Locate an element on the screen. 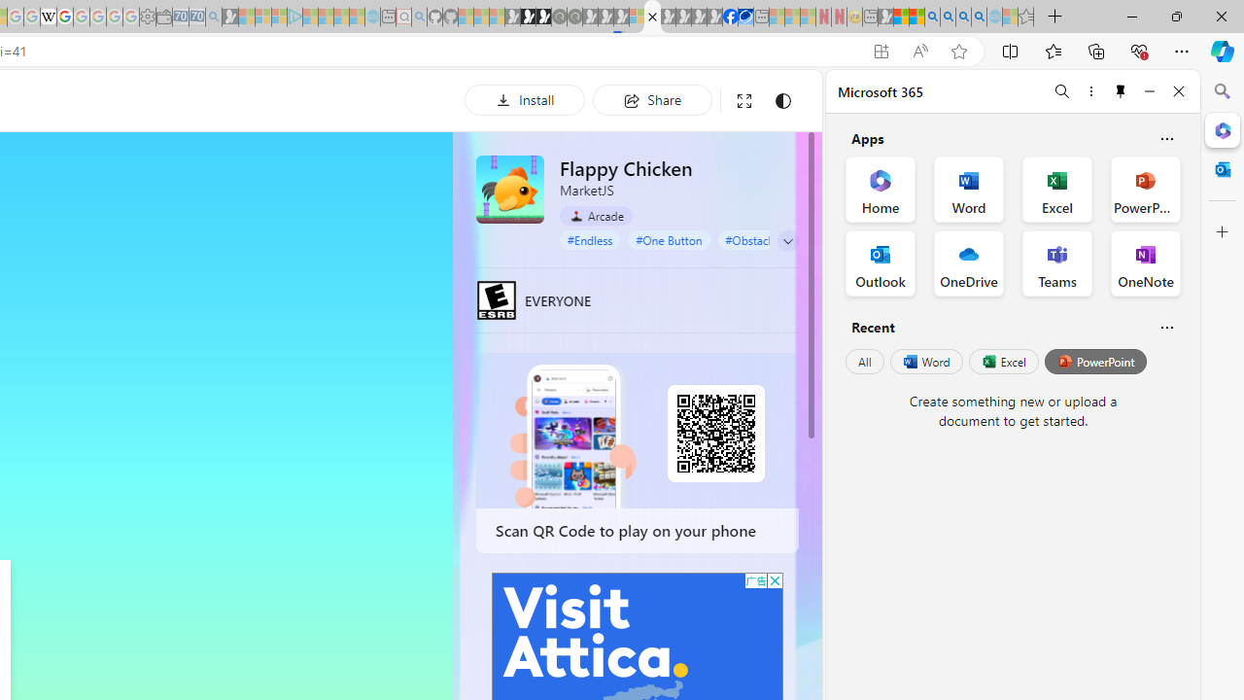  'Teams Office App' is located at coordinates (1056, 263).